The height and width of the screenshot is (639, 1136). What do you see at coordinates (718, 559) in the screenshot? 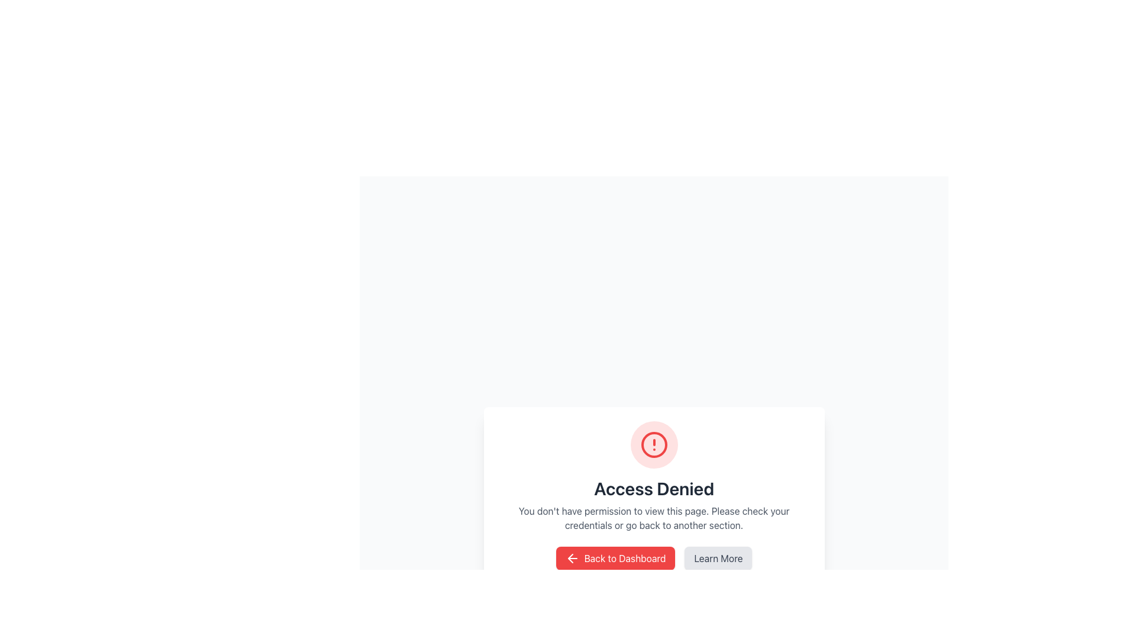
I see `the 'Learn More' button located at the bottom right corner of the card interface under the 'Access Denied' text` at bounding box center [718, 559].